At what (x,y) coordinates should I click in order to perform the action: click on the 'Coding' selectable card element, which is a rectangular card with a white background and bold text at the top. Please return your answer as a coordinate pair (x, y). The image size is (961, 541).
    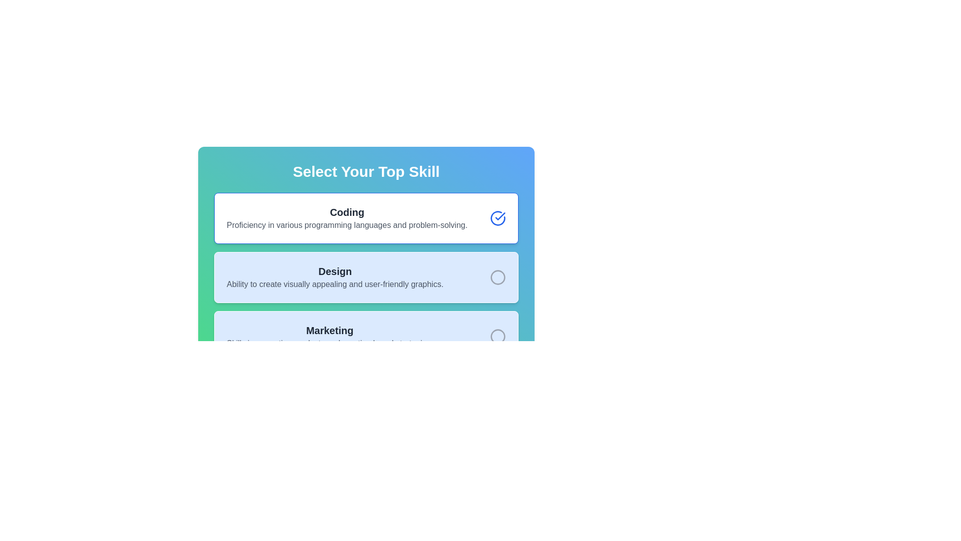
    Looking at the image, I should click on (365, 217).